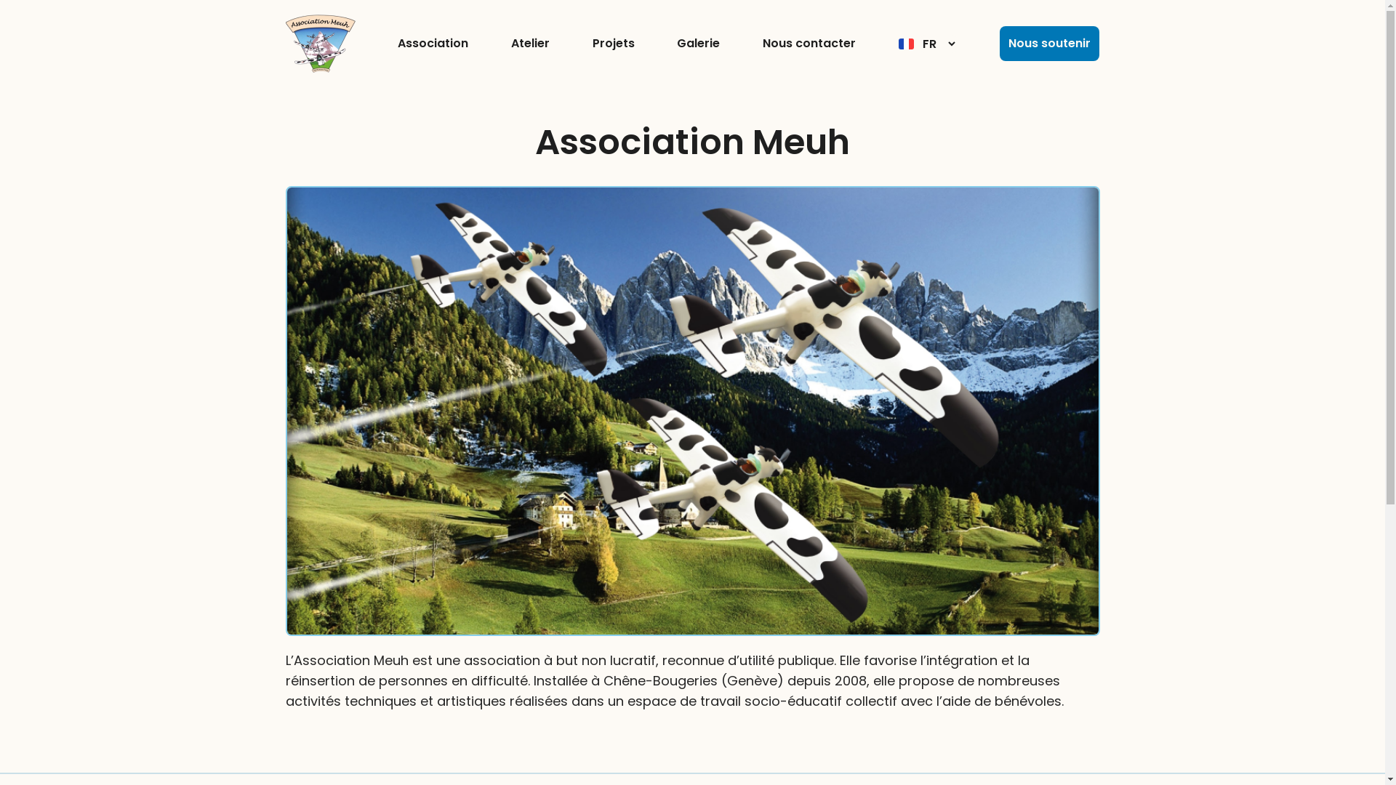 This screenshot has height=785, width=1396. Describe the element at coordinates (614, 43) in the screenshot. I see `'Projets'` at that location.